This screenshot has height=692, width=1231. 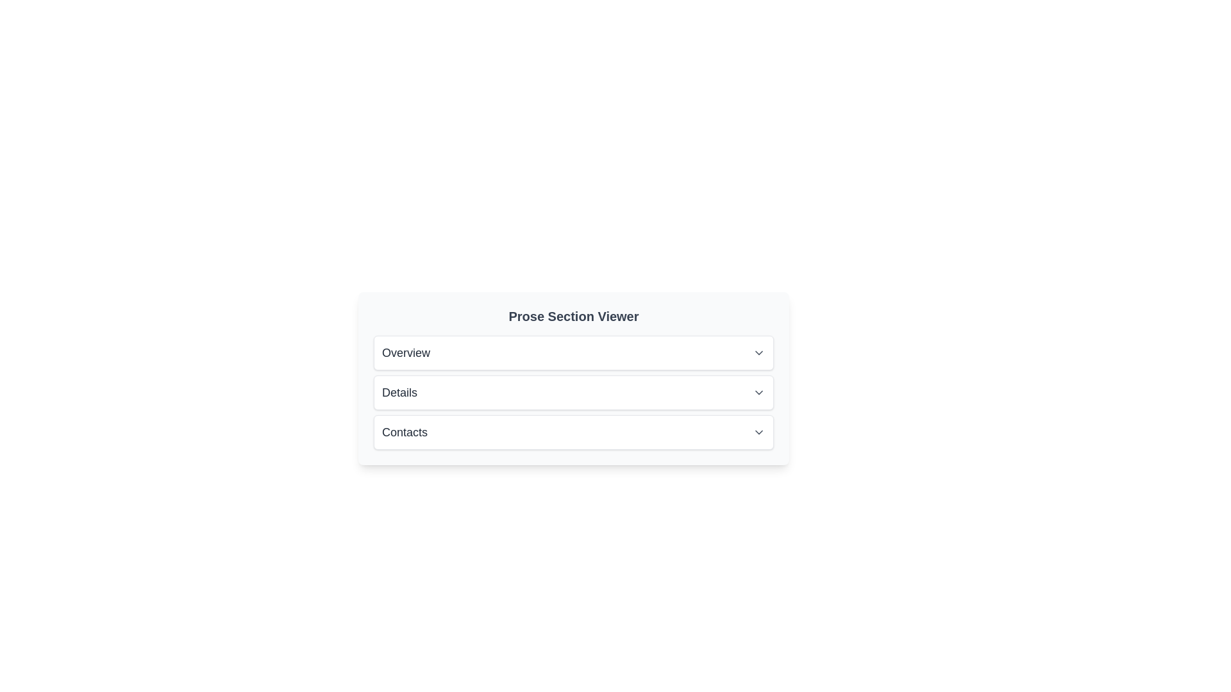 What do you see at coordinates (759, 353) in the screenshot?
I see `the chevron icon representing the dropdown toggle for the 'Overview' section` at bounding box center [759, 353].